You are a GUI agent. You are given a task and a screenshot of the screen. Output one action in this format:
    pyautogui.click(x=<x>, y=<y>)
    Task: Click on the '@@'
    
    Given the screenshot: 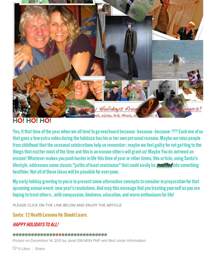 What is the action you would take?
    pyautogui.click(x=58, y=234)
    